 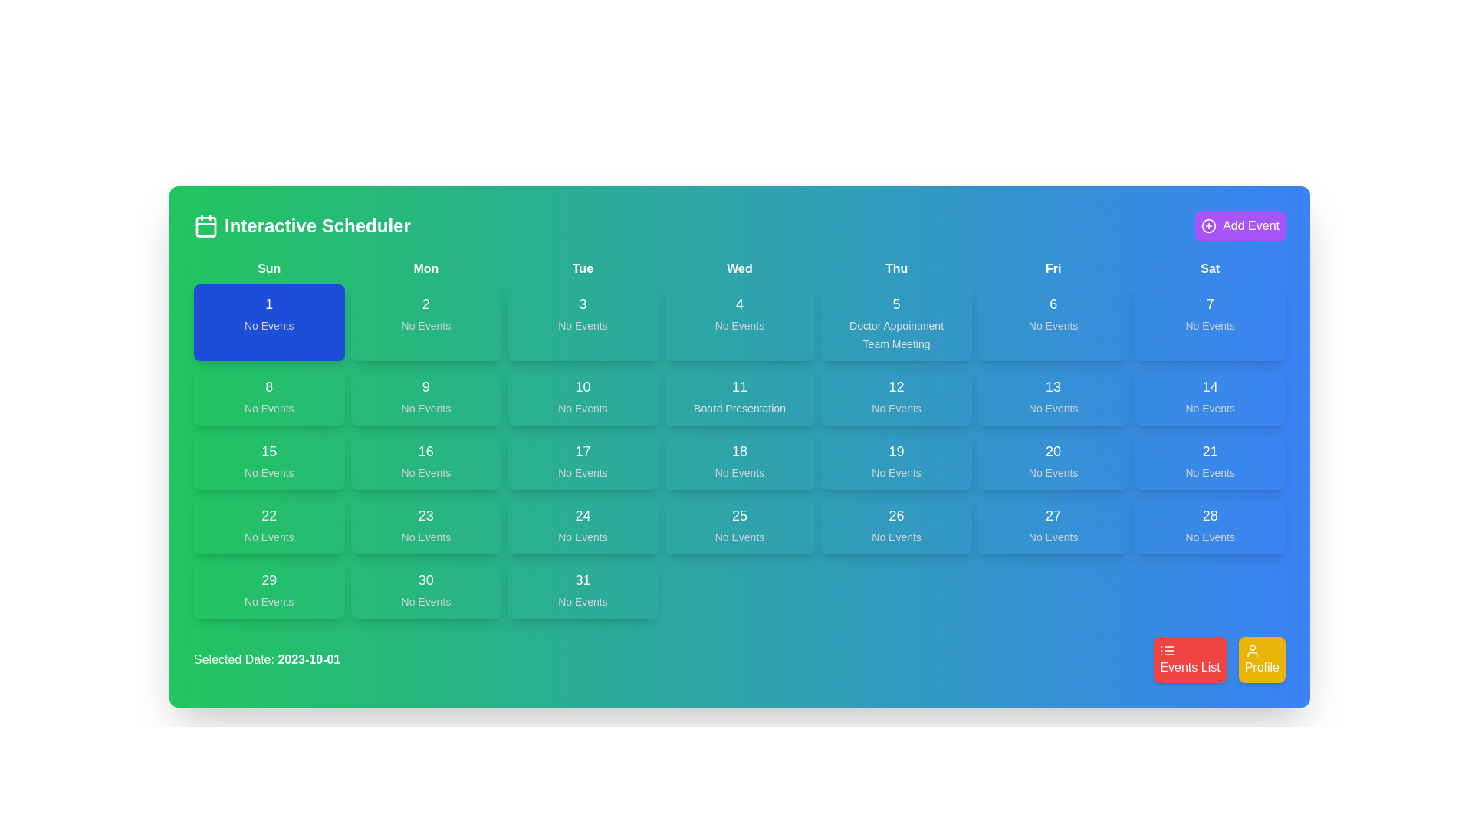 I want to click on the Text Label element displaying the number '4', which is centered within the cell for Wednesday in a calendar view, so click(x=739, y=304).